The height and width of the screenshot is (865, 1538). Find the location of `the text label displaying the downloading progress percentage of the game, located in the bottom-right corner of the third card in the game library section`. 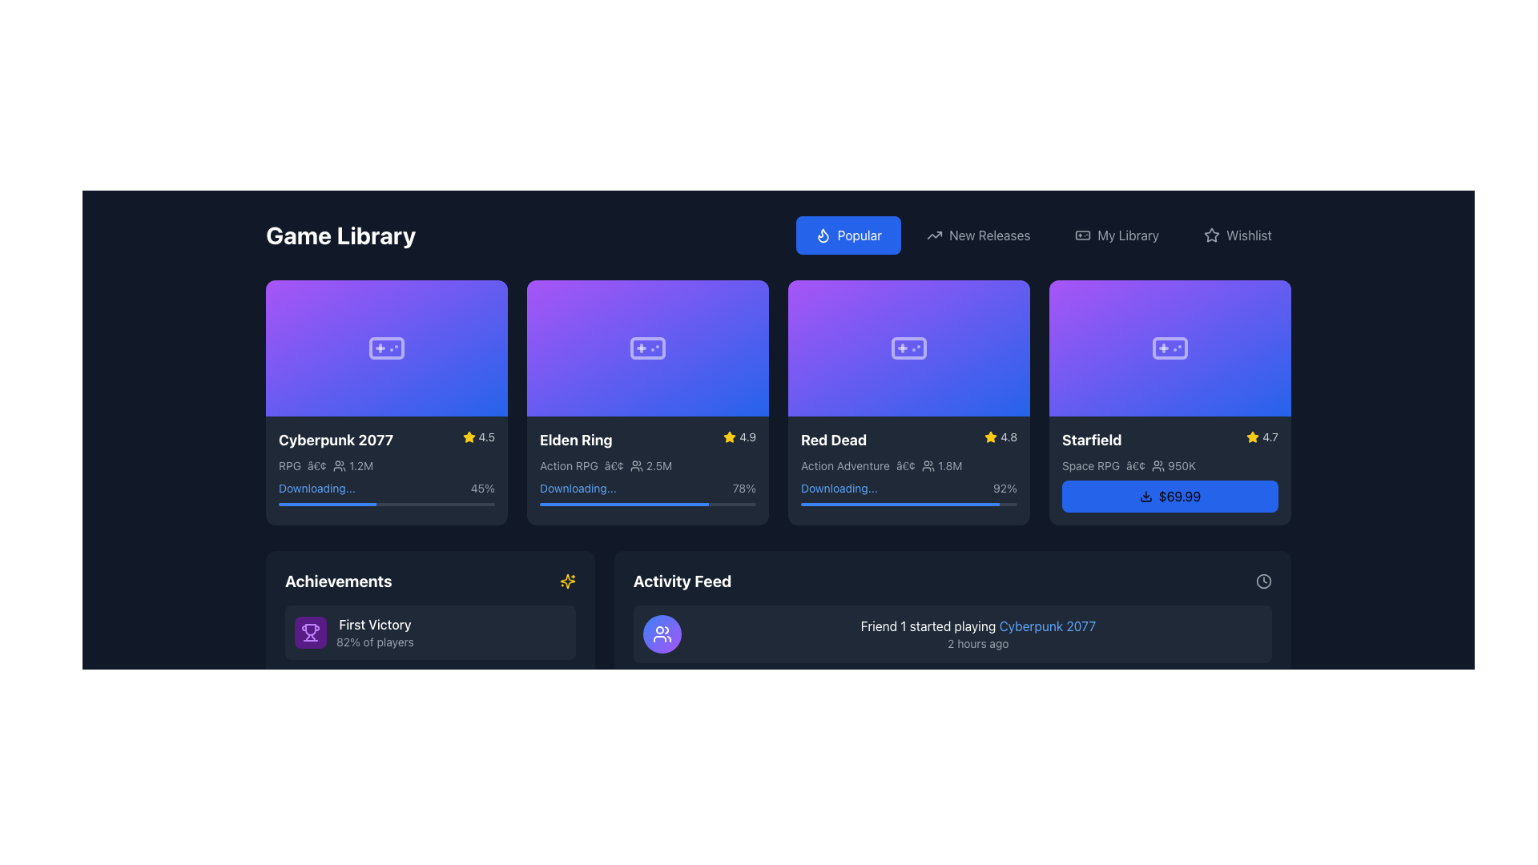

the text label displaying the downloading progress percentage of the game, located in the bottom-right corner of the third card in the game library section is located at coordinates (1005, 487).